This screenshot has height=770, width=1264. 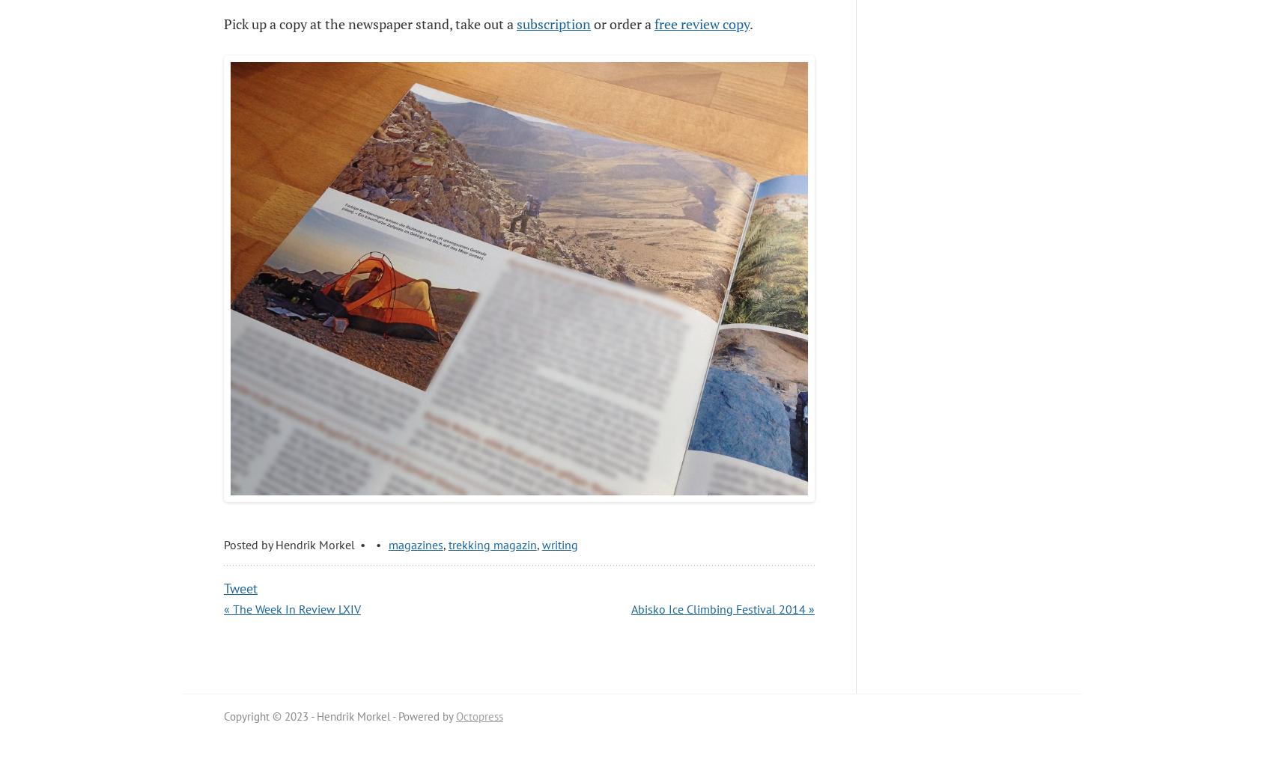 What do you see at coordinates (249, 543) in the screenshot?
I see `'Posted by'` at bounding box center [249, 543].